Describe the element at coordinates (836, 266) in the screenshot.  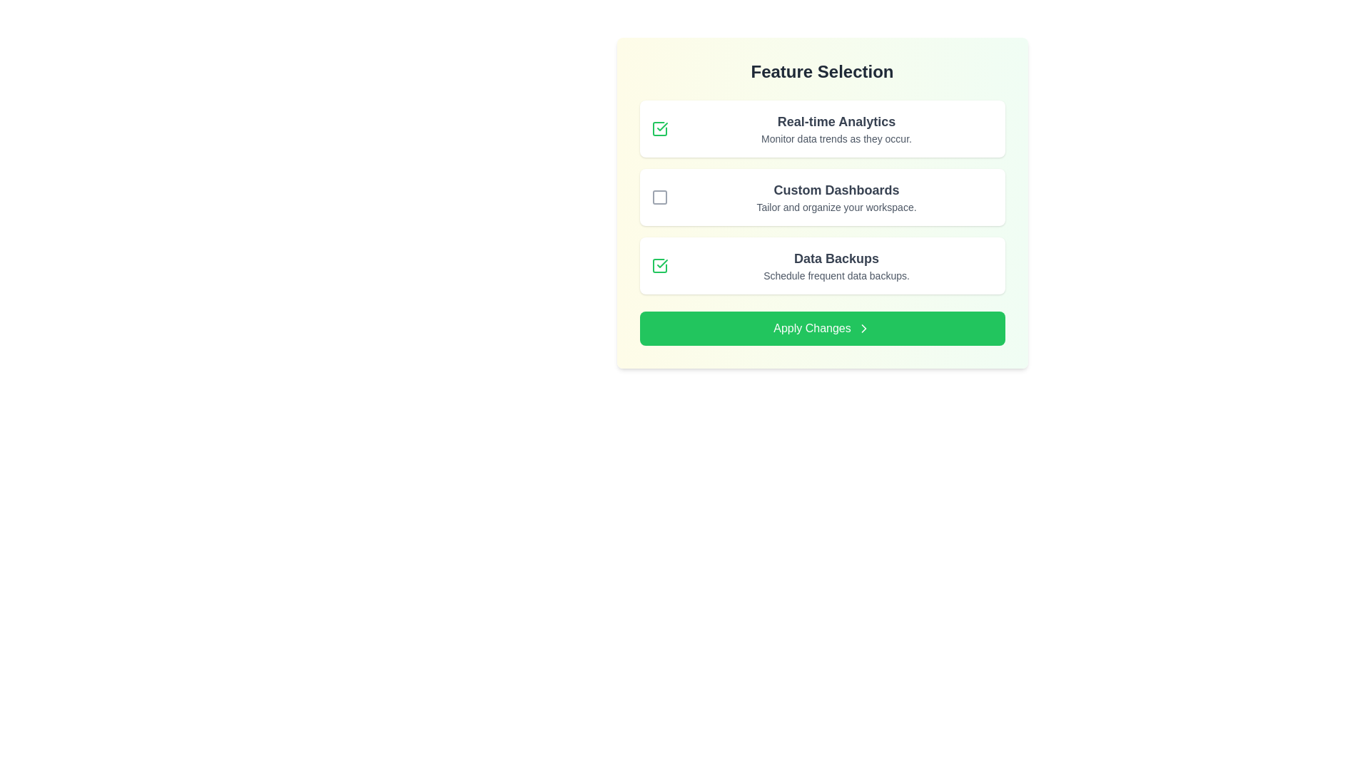
I see `the informational Label indicating 'Data Backups', which is the third choice in the vertical list of options` at that location.